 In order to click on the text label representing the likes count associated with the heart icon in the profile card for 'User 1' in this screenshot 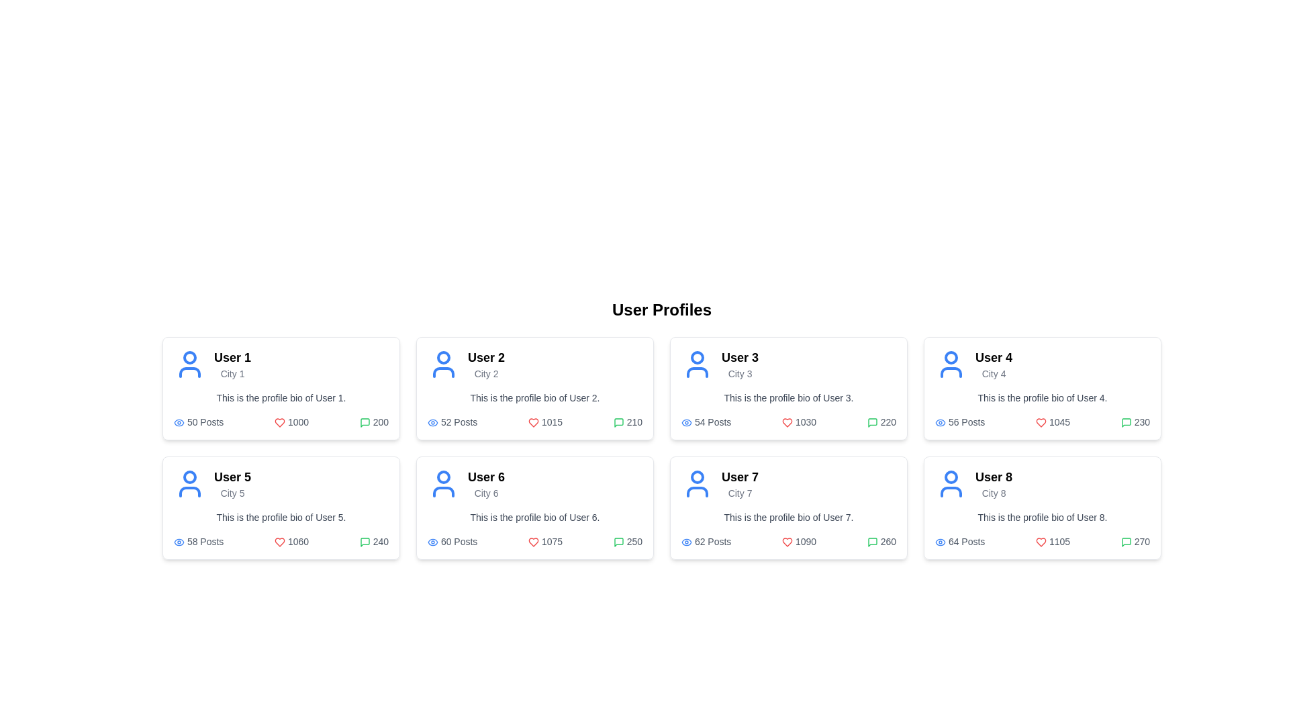, I will do `click(291, 421)`.